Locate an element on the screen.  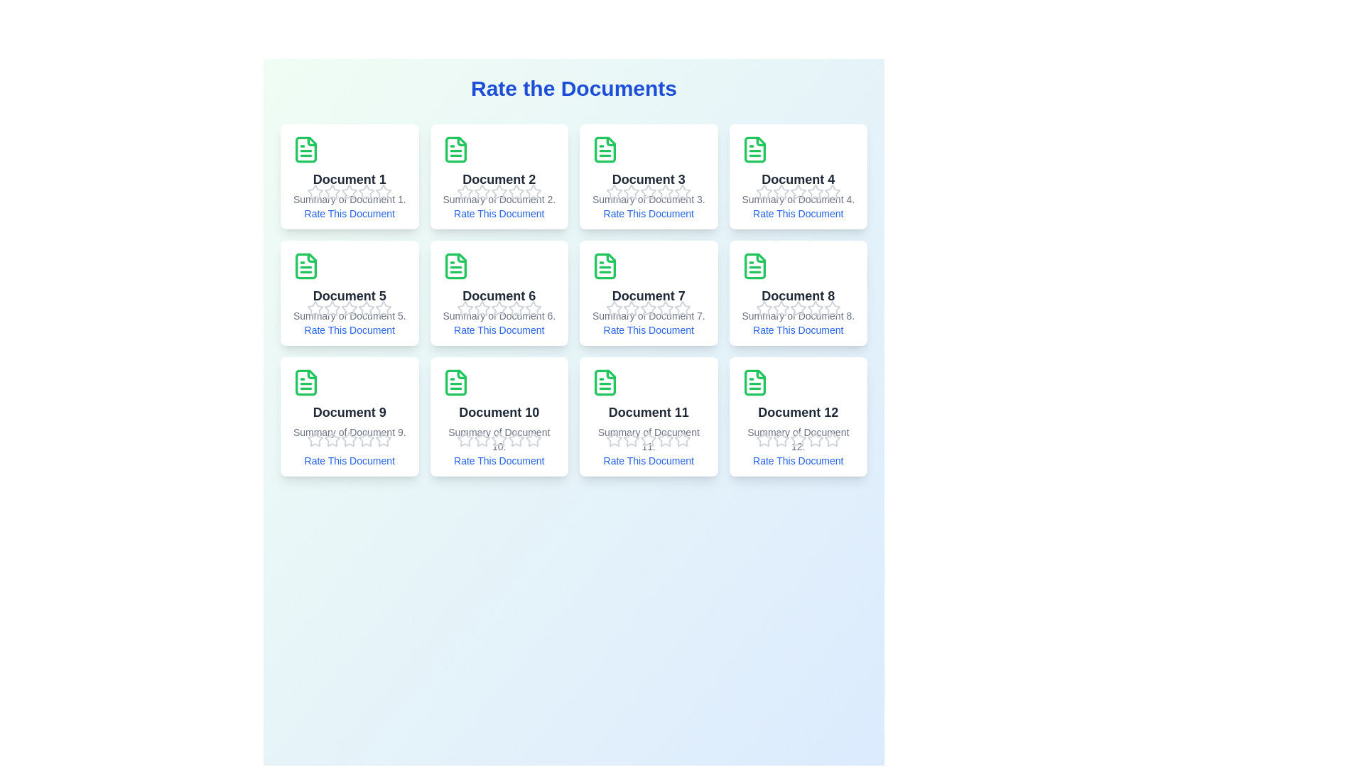
the star corresponding to the rating 2 to preview the rating is located at coordinates (332, 192).